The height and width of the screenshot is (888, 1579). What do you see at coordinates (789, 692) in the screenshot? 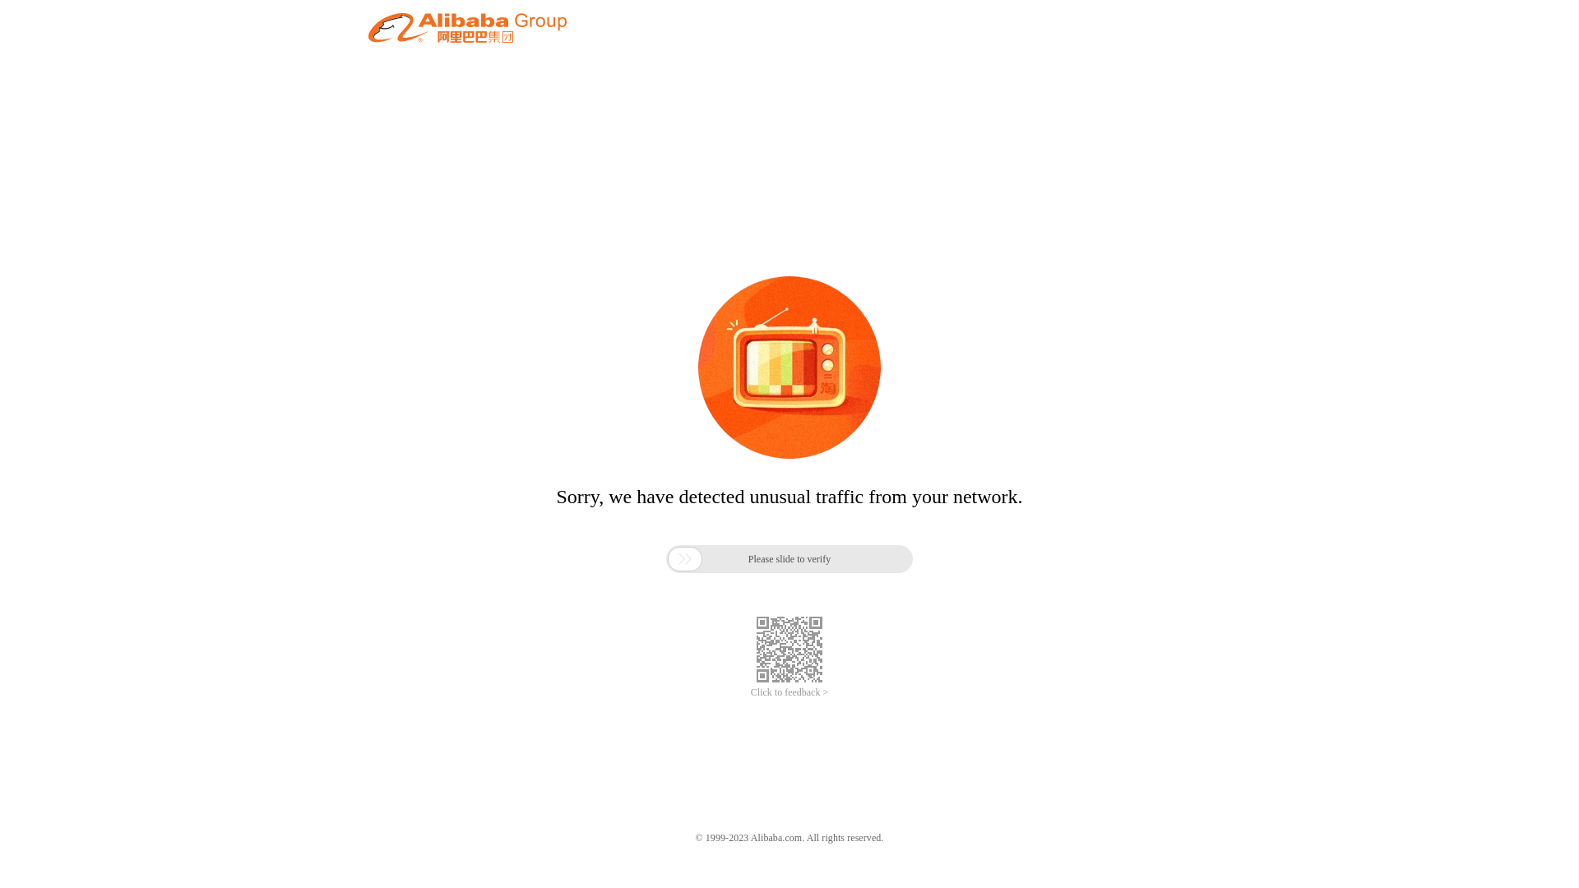
I see `'Click to feedback >'` at bounding box center [789, 692].